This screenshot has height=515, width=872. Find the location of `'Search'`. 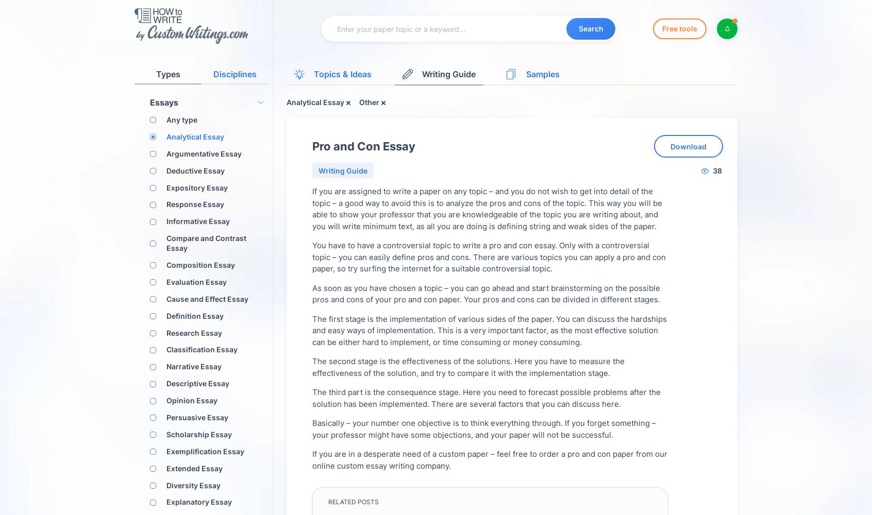

'Search' is located at coordinates (578, 28).